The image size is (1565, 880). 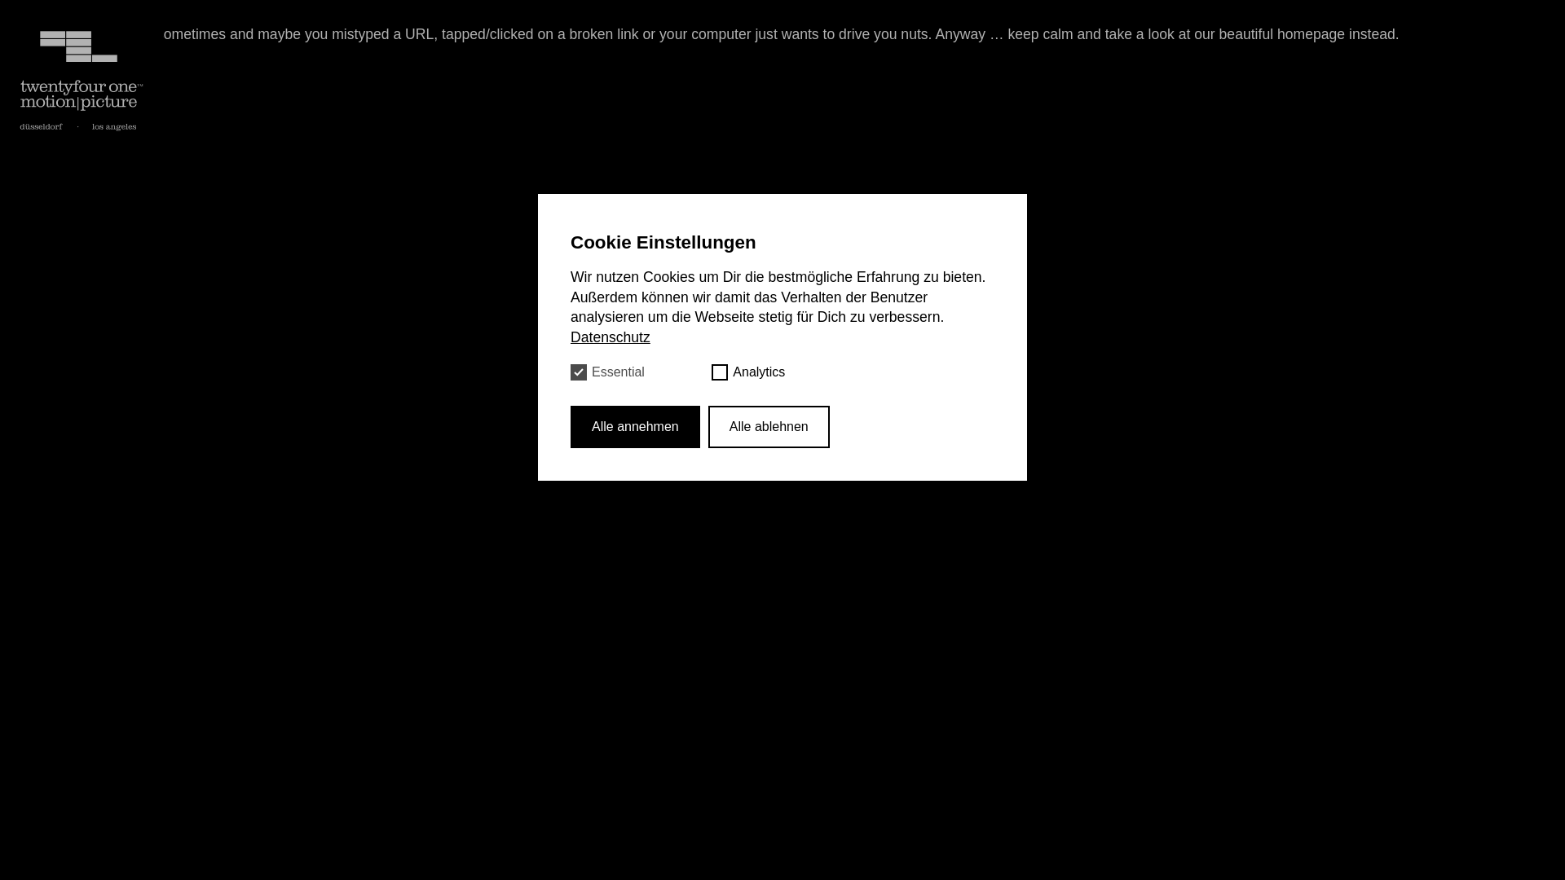 I want to click on 'Alle annehmen', so click(x=634, y=425).